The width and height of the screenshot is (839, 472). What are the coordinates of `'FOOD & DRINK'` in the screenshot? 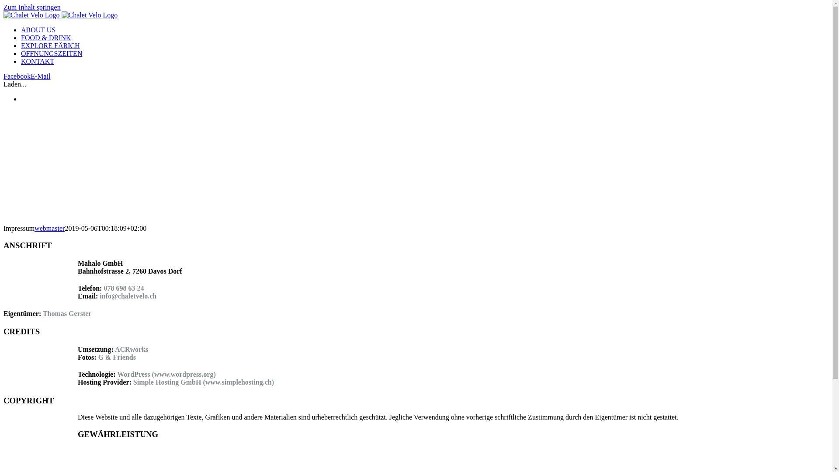 It's located at (21, 37).